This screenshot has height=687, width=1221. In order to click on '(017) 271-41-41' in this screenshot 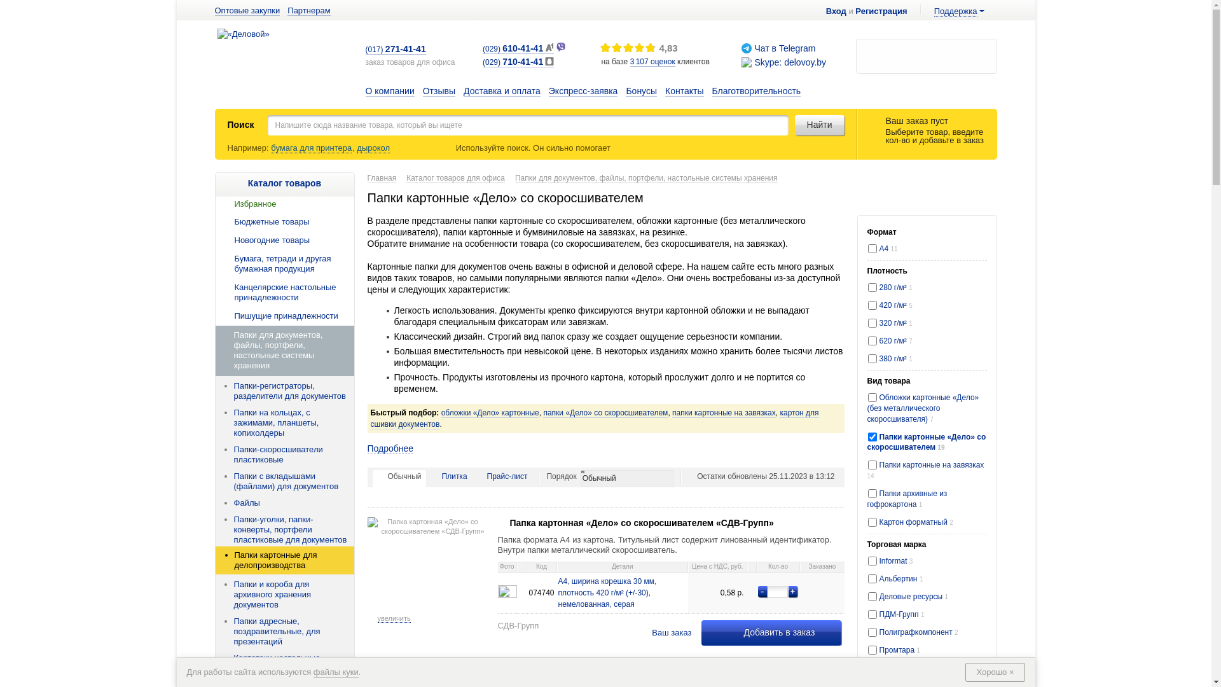, I will do `click(394, 48)`.